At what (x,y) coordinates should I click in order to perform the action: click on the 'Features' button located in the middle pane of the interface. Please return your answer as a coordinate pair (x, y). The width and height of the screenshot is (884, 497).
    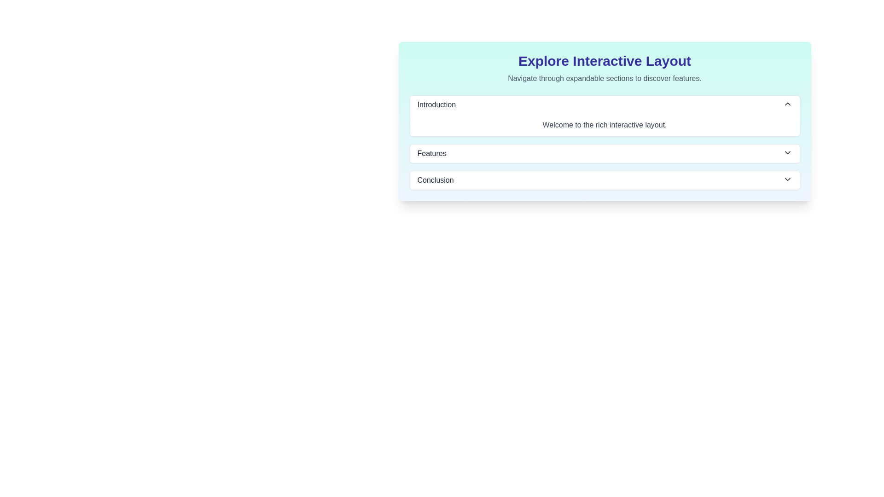
    Looking at the image, I should click on (605, 153).